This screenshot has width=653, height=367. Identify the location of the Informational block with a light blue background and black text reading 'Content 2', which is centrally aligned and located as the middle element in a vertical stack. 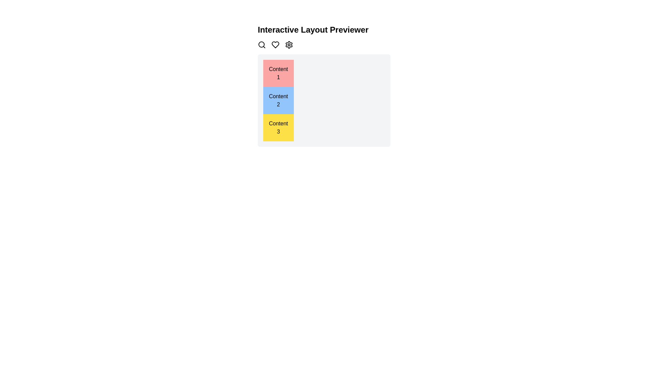
(278, 101).